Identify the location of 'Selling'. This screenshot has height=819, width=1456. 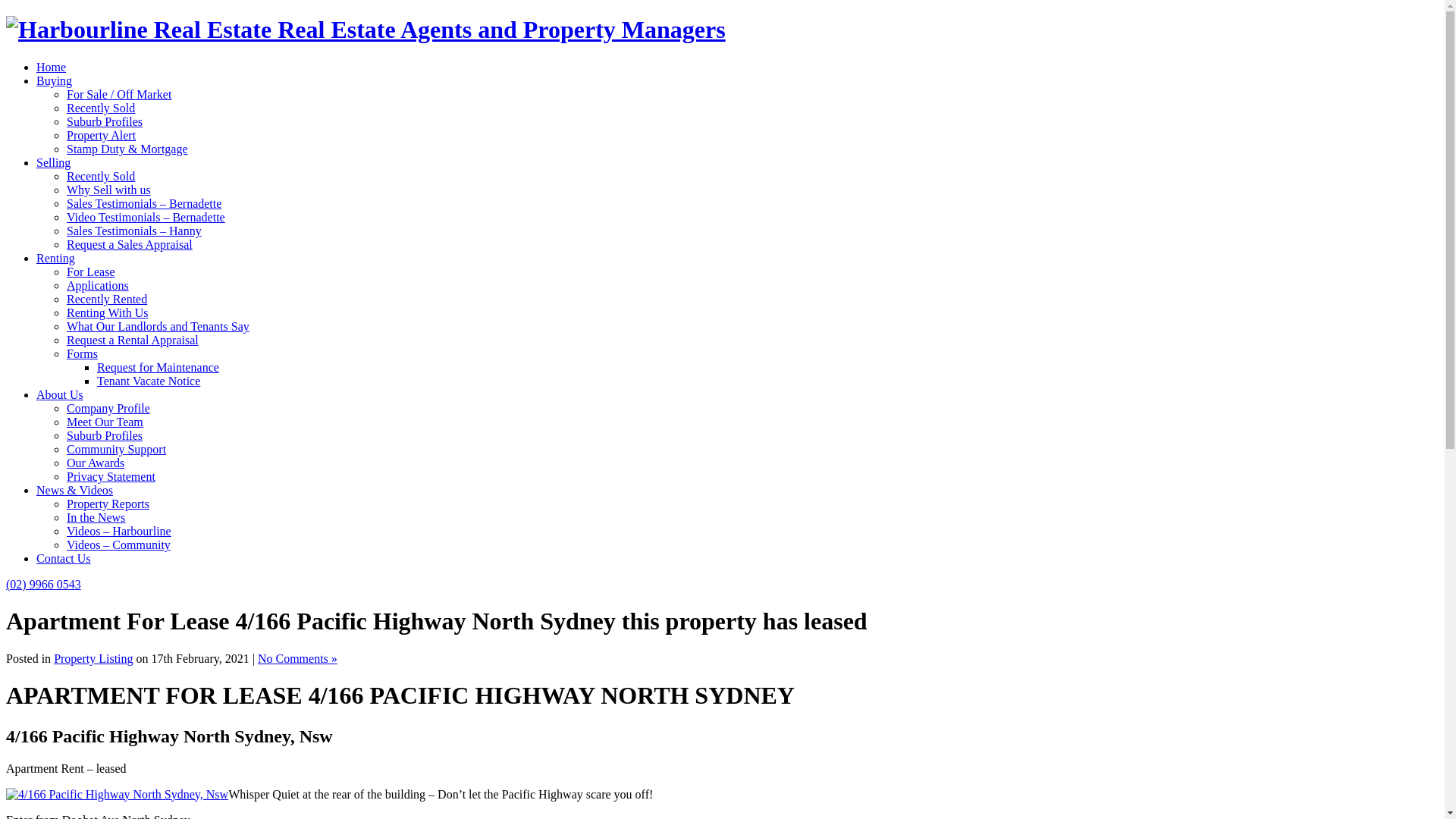
(36, 162).